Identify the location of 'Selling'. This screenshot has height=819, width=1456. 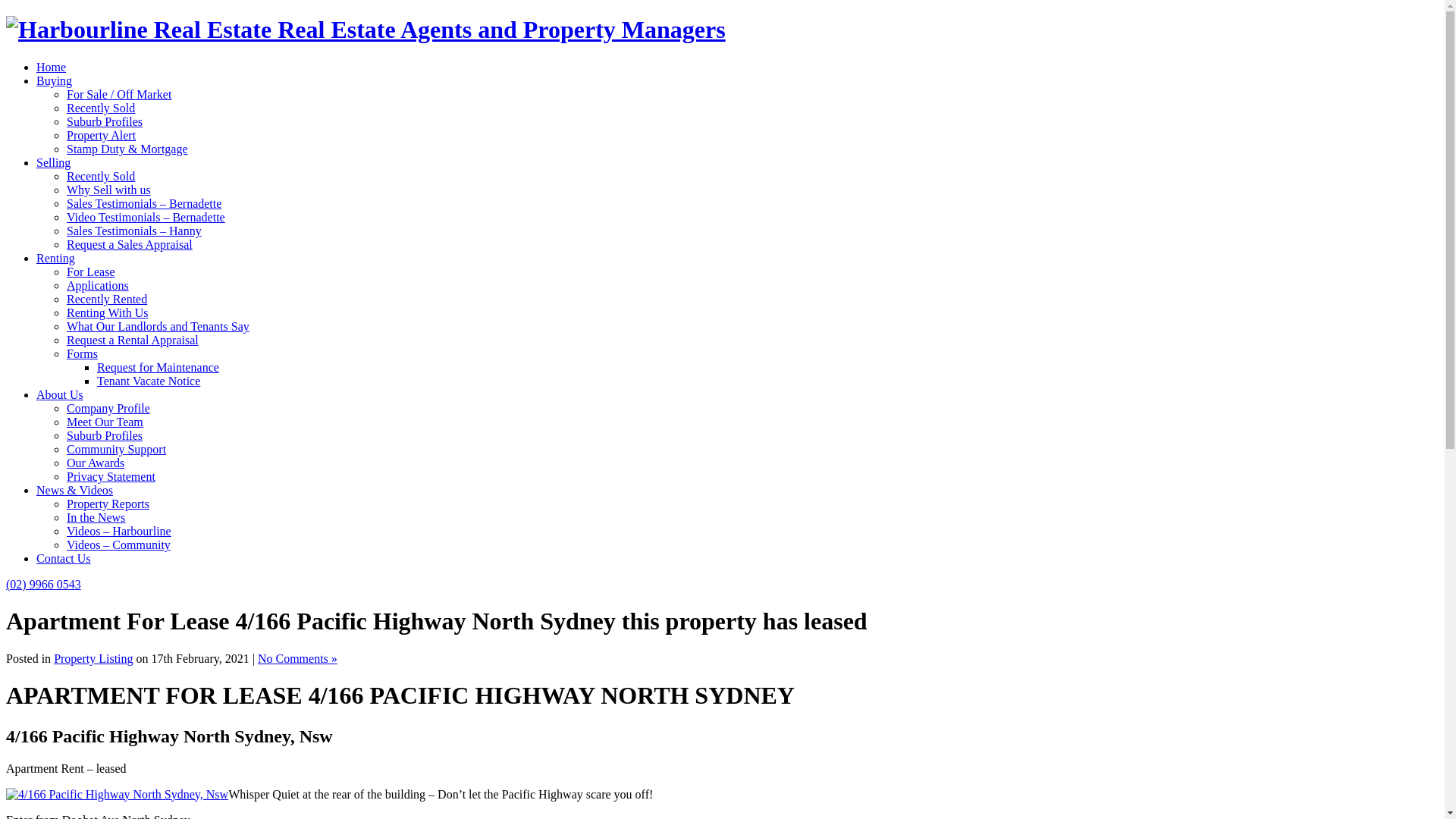
(36, 162).